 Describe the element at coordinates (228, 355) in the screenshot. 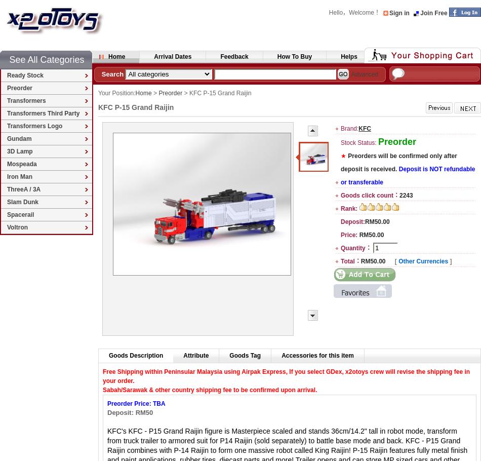

I see `'Goods Tag'` at that location.